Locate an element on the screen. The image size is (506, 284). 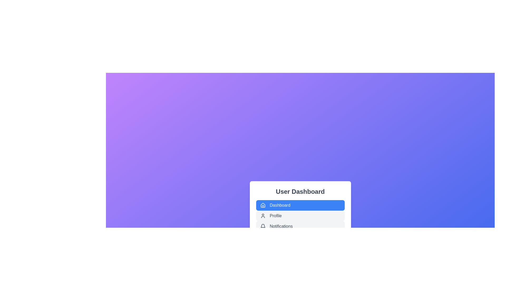
the user profile button located as the second item is located at coordinates (300, 216).